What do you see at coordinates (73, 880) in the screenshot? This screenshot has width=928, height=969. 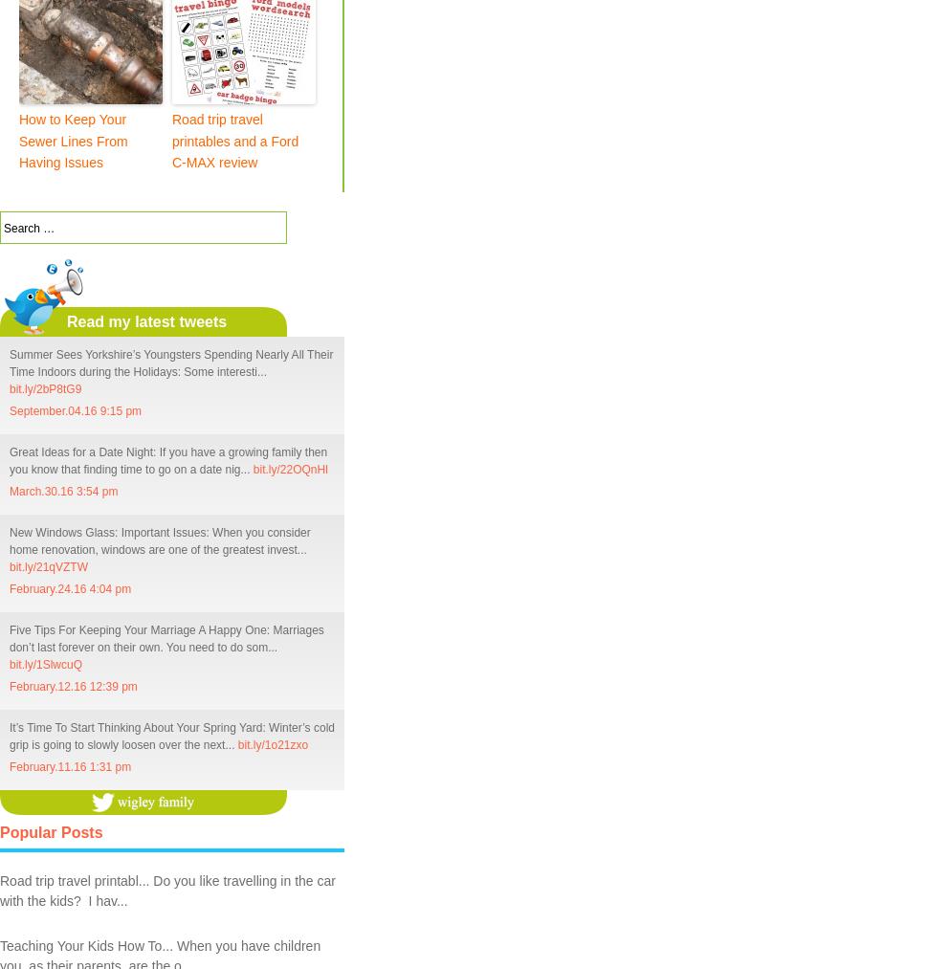 I see `'Road trip travel printabl...'` at bounding box center [73, 880].